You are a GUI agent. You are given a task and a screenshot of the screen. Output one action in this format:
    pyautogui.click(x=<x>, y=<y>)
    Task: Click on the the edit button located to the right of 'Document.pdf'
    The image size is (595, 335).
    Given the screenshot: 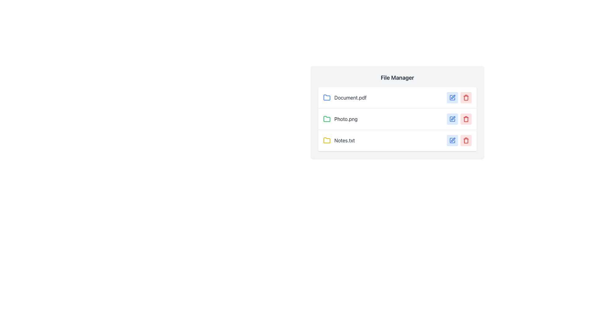 What is the action you would take?
    pyautogui.click(x=452, y=98)
    